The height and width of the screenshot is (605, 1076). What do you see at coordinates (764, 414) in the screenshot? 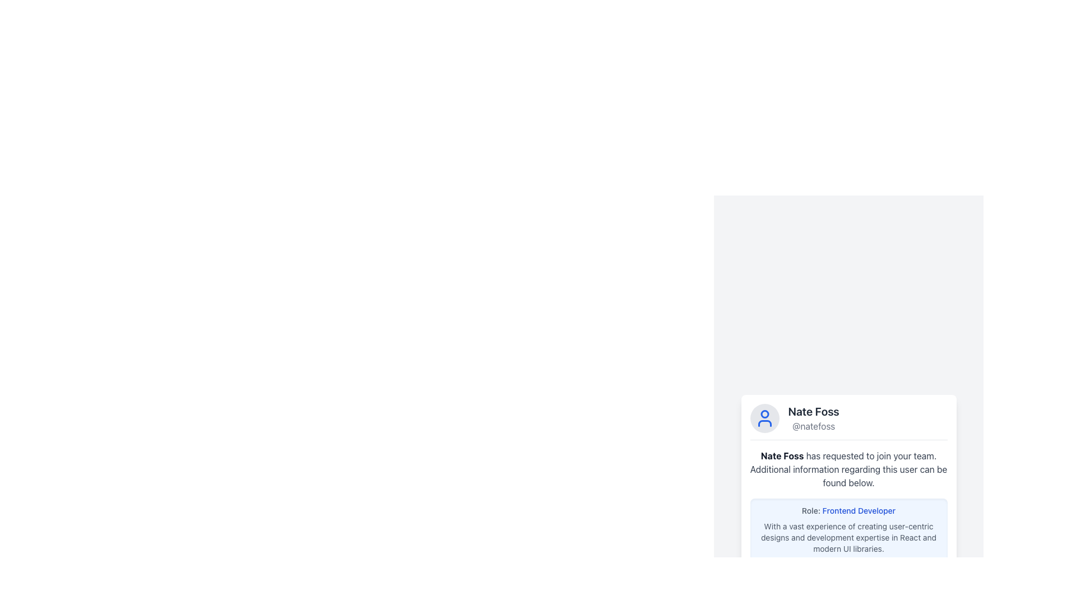
I see `the Graphical Icon Component (Circle within an SVG) that represents the head in the user avatar icon, located in the top-left corner of the profile card` at bounding box center [764, 414].